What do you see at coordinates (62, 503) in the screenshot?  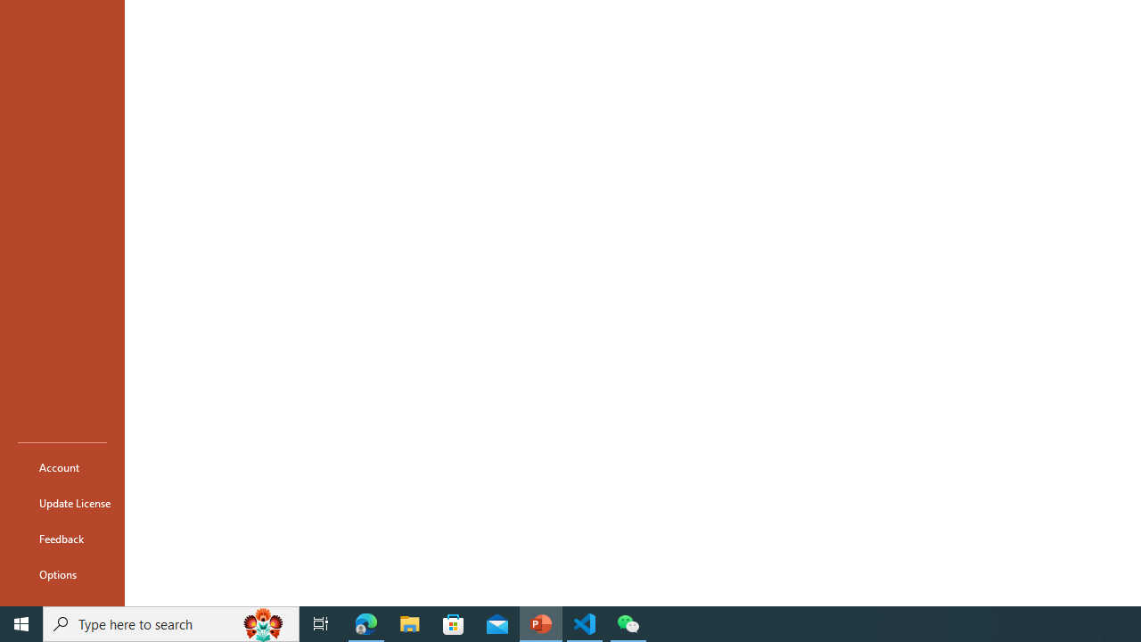 I see `'Update License'` at bounding box center [62, 503].